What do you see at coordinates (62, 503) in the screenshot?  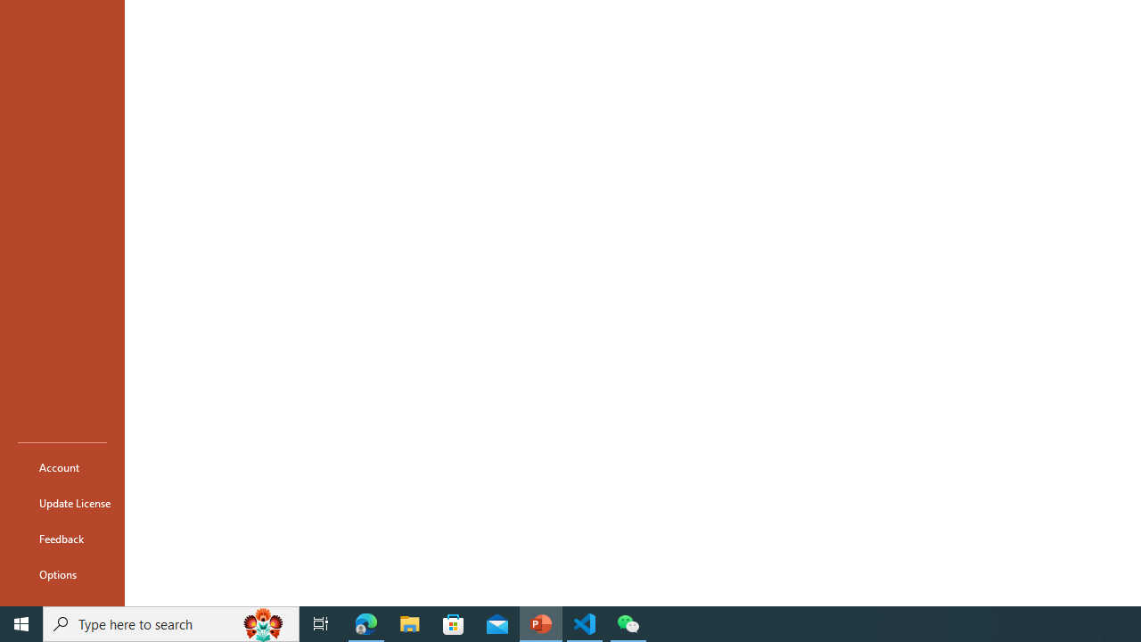 I see `'Update License'` at bounding box center [62, 503].